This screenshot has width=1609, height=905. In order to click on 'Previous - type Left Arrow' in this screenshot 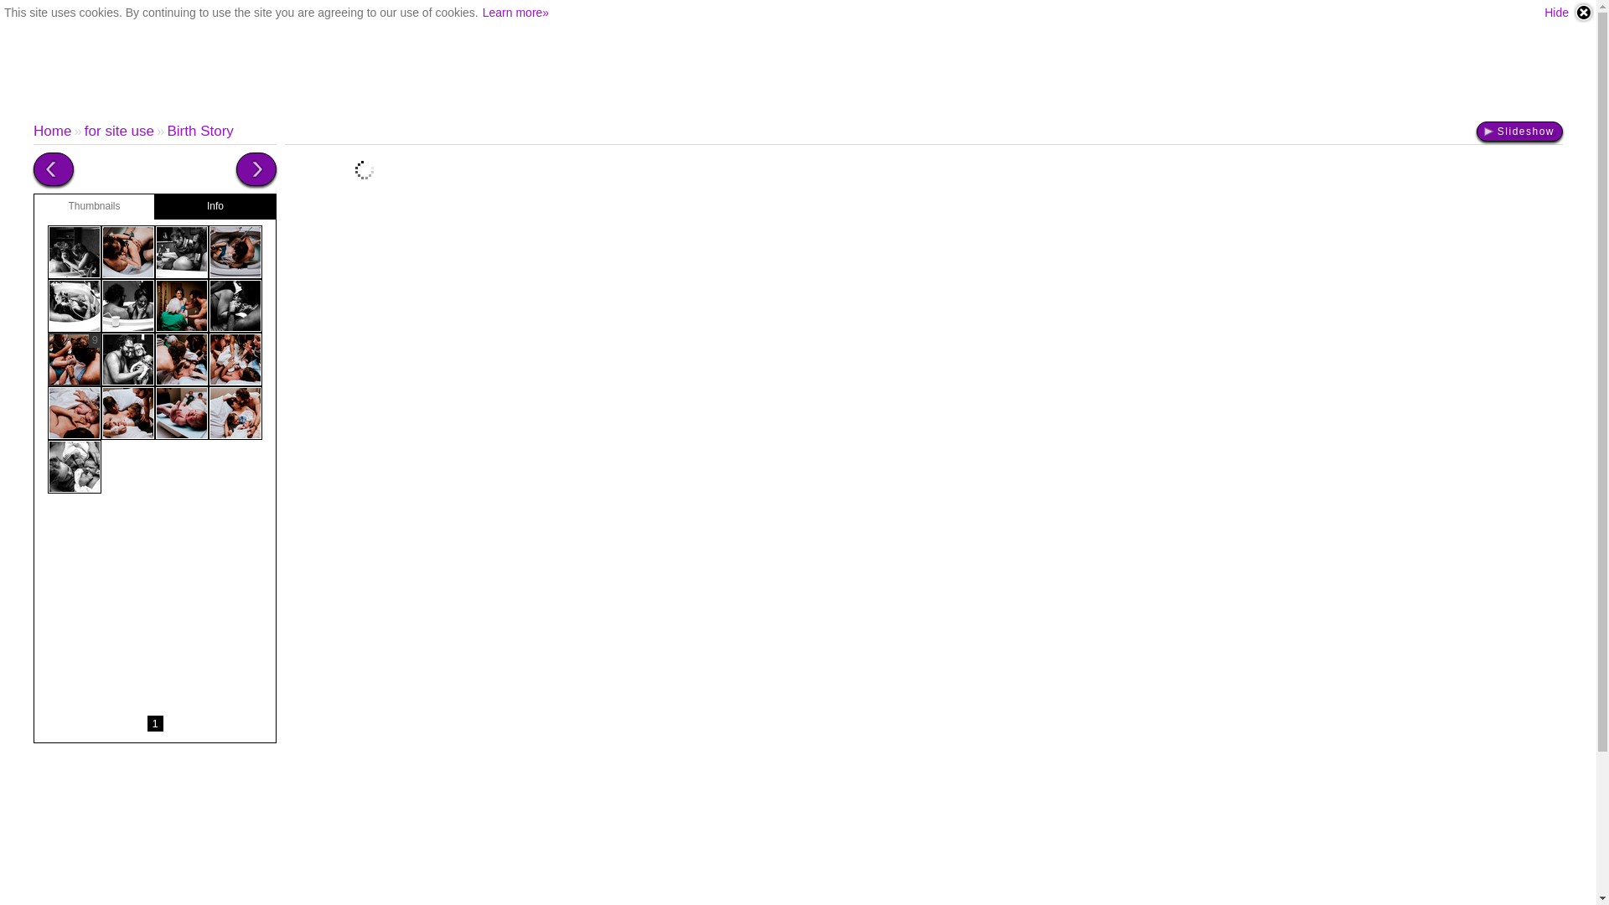, I will do `click(53, 168)`.